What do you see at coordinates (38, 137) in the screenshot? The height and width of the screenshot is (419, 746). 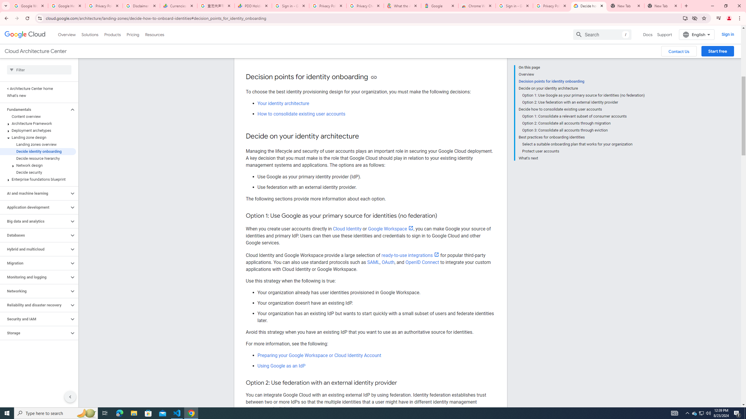 I see `'Landing zone design'` at bounding box center [38, 137].